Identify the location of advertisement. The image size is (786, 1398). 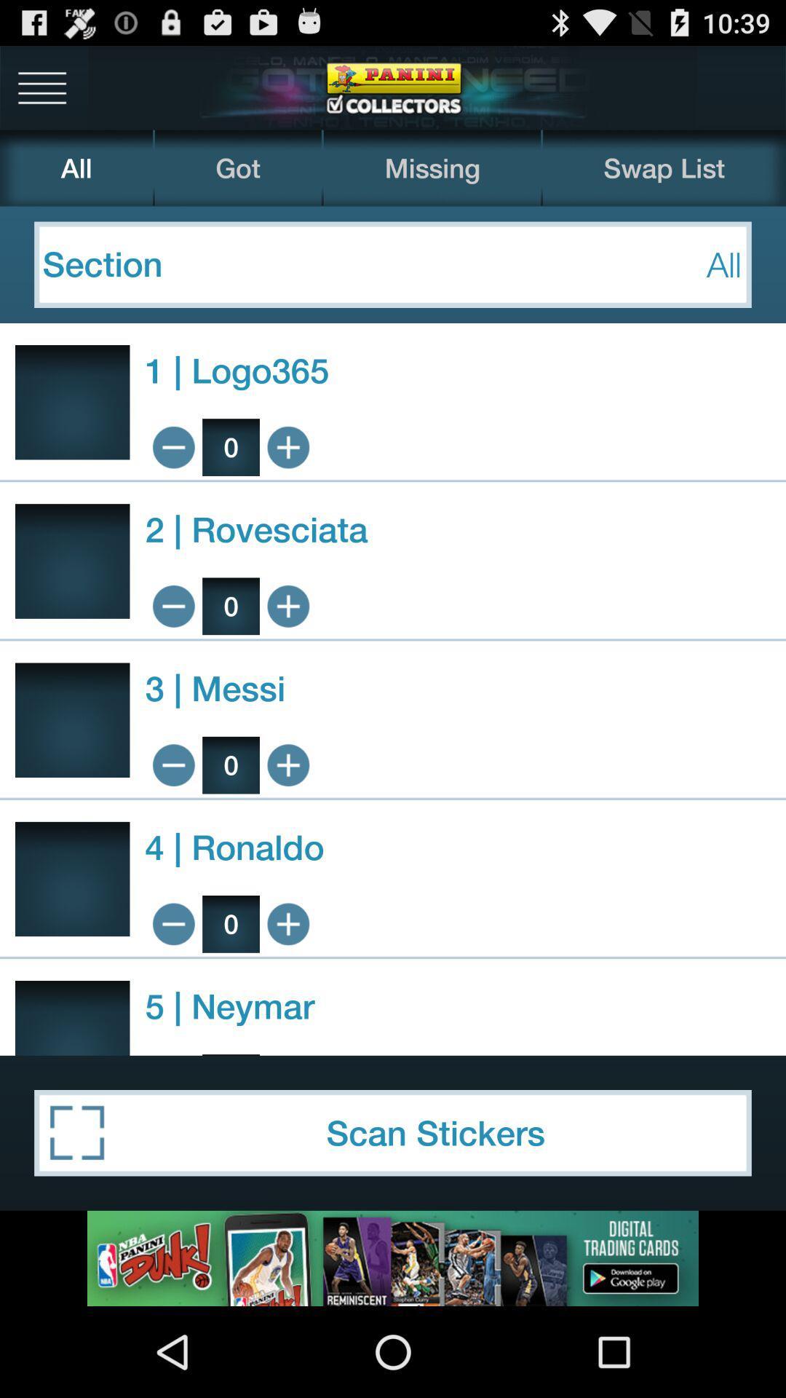
(393, 1257).